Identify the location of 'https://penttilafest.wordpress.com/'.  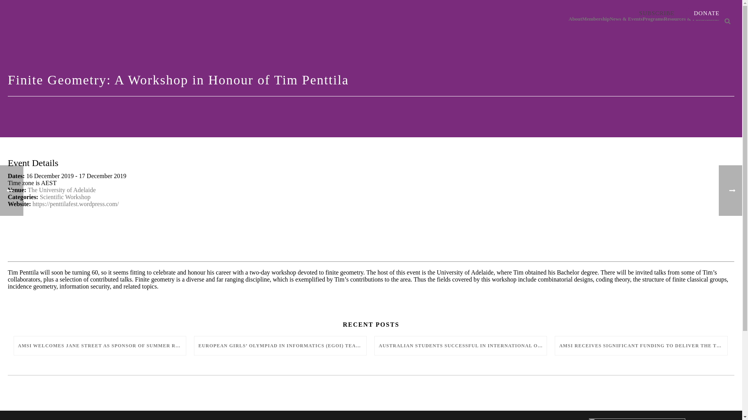
(32, 203).